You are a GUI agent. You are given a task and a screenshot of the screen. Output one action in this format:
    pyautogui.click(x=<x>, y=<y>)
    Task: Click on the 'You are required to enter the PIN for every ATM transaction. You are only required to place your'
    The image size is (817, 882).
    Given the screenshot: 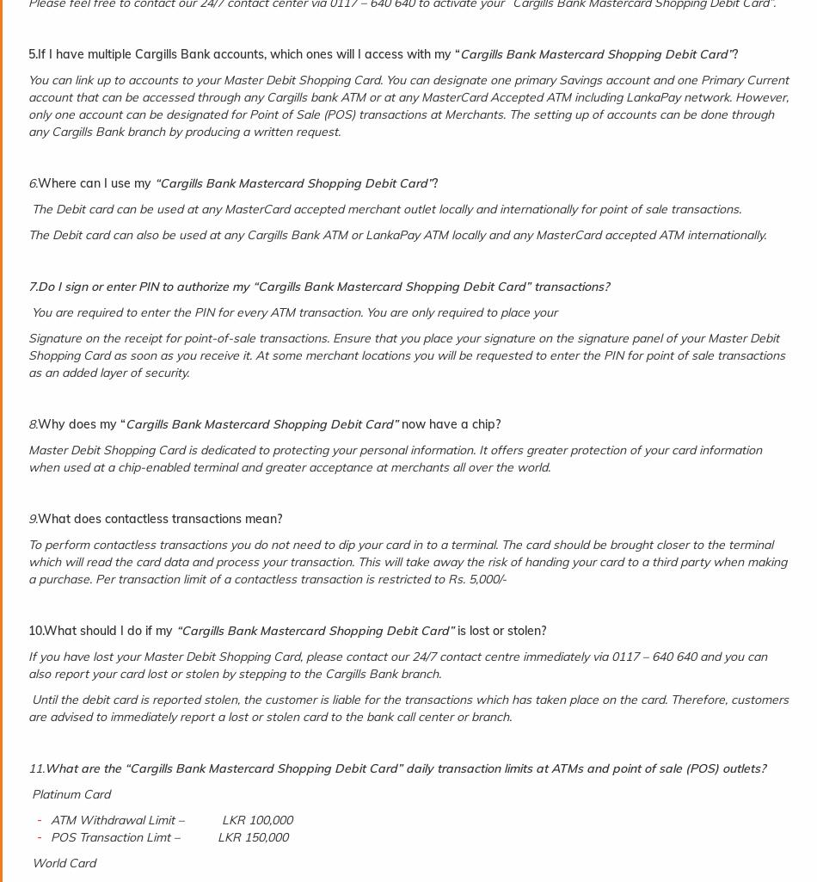 What is the action you would take?
    pyautogui.click(x=292, y=311)
    